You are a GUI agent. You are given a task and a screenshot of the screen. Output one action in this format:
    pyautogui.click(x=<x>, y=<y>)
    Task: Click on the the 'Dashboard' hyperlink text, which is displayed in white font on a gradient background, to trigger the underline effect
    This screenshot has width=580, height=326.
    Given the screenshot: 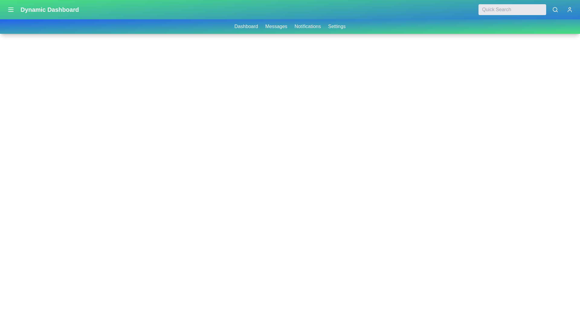 What is the action you would take?
    pyautogui.click(x=246, y=26)
    